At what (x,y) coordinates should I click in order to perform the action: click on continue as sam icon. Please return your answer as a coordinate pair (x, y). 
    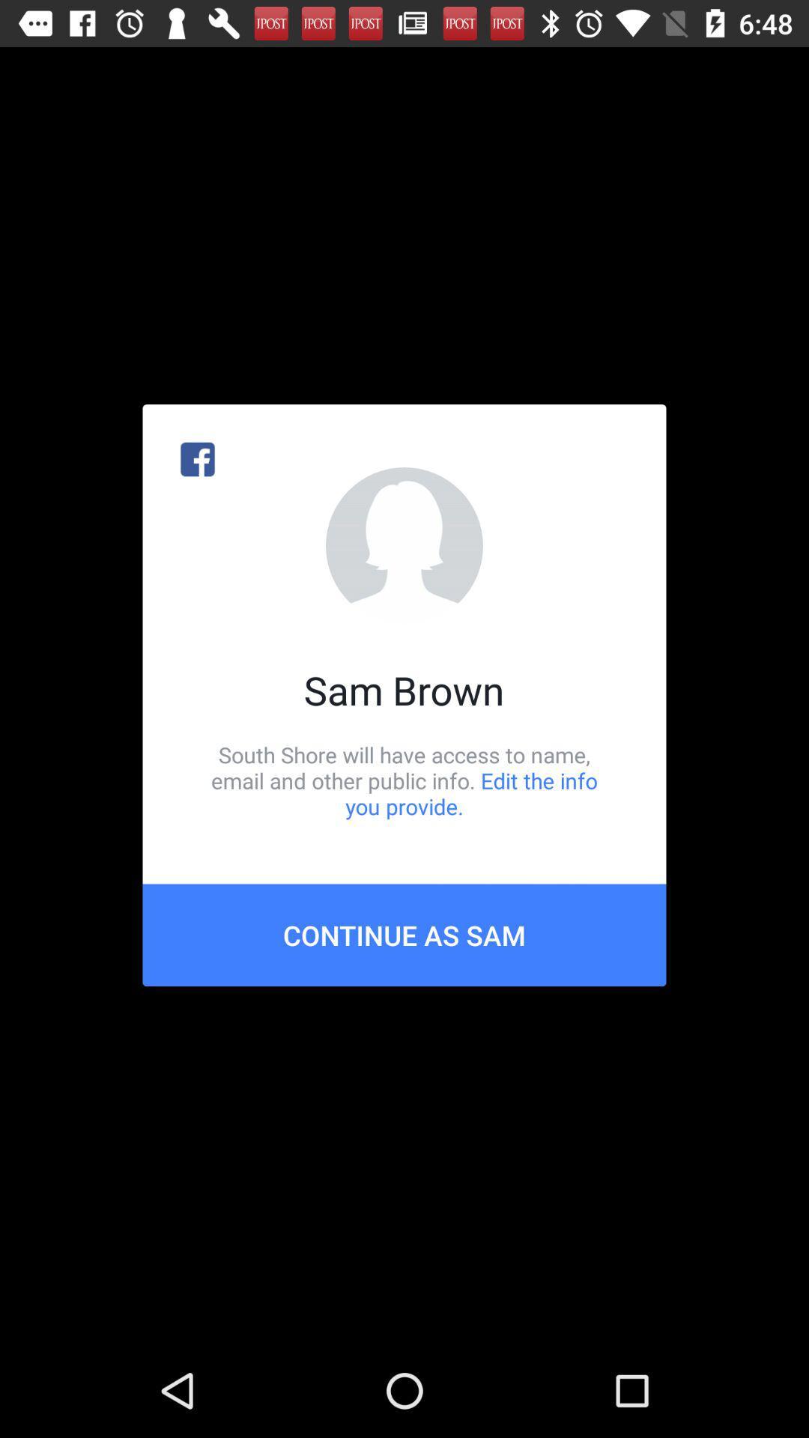
    Looking at the image, I should click on (404, 934).